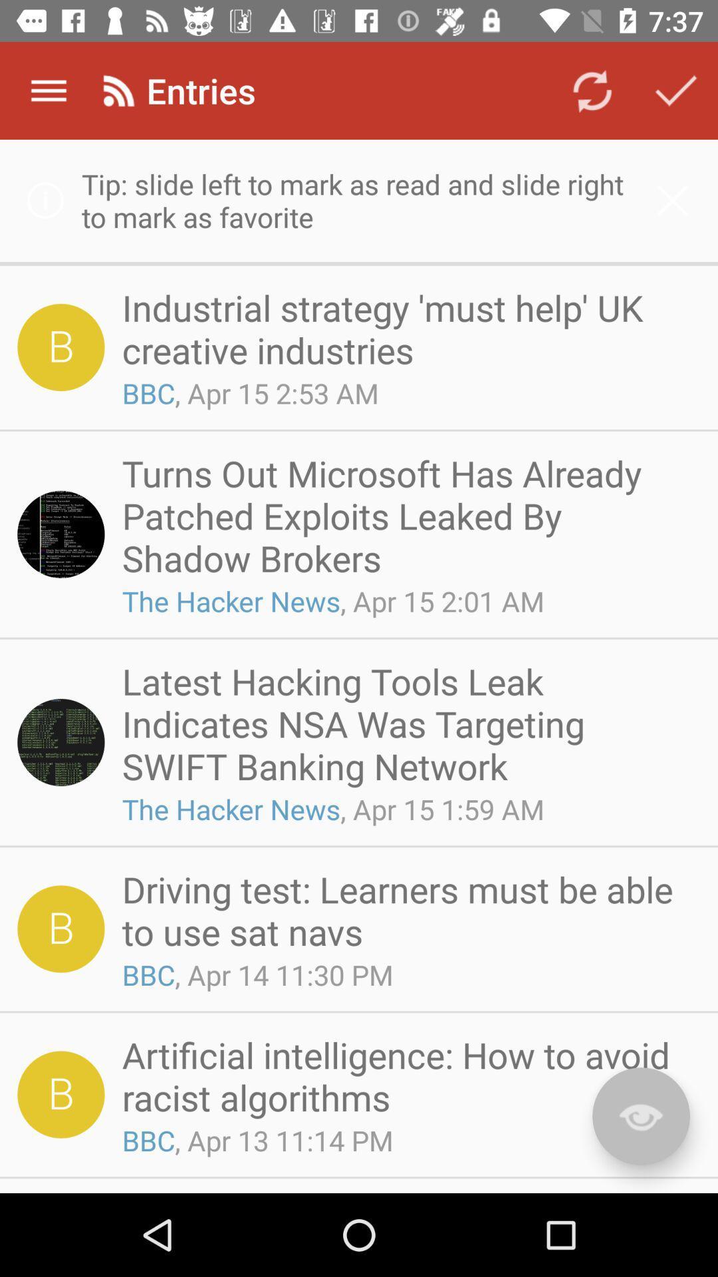 This screenshot has height=1277, width=718. I want to click on the visibility icon, so click(640, 1116).